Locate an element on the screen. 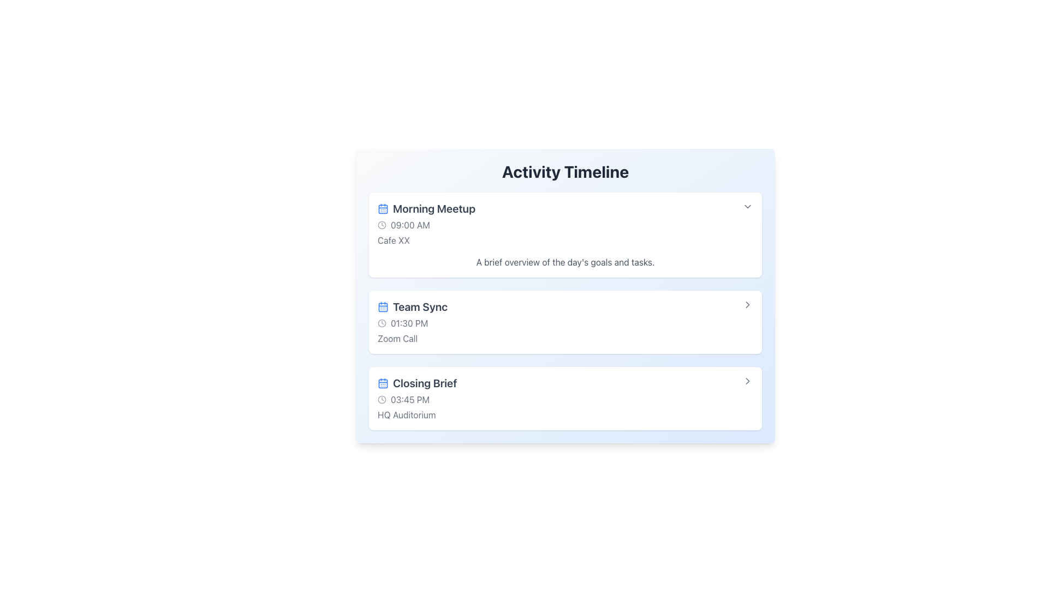 This screenshot has width=1048, height=589. the clock-shaped icon that is light gray in color, located to the left of the text '01:30 PM' in the 'Team Sync' event card is located at coordinates (382, 323).